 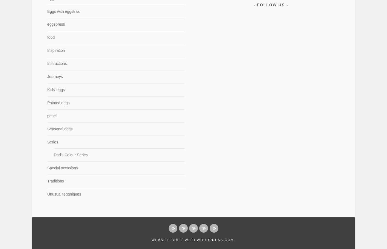 What do you see at coordinates (55, 50) in the screenshot?
I see `'Inspiration'` at bounding box center [55, 50].